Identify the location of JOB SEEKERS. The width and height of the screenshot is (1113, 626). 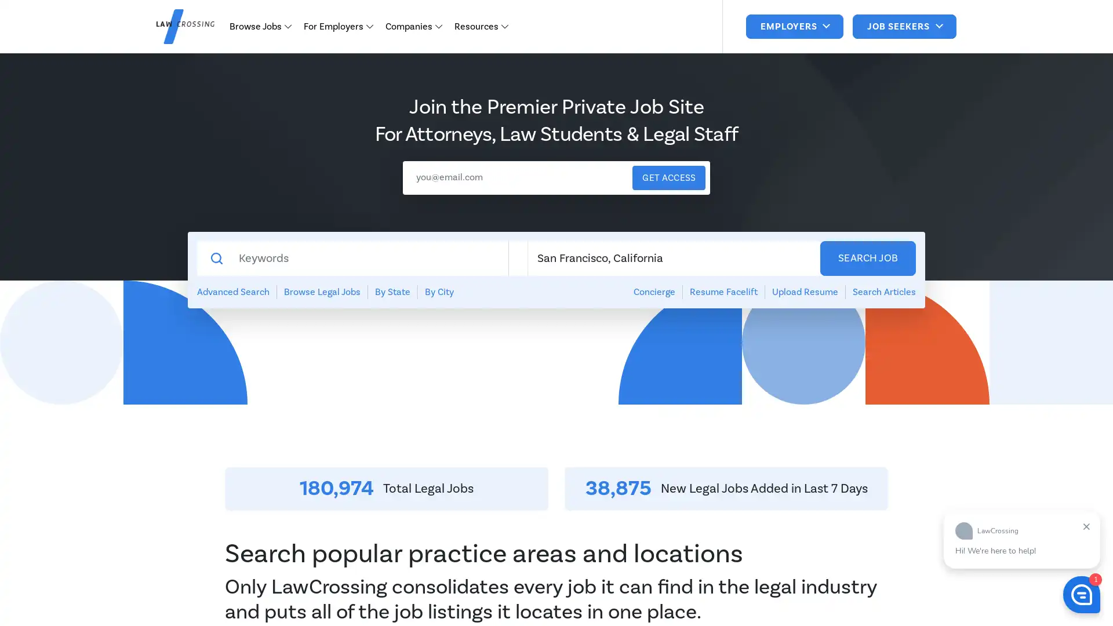
(904, 26).